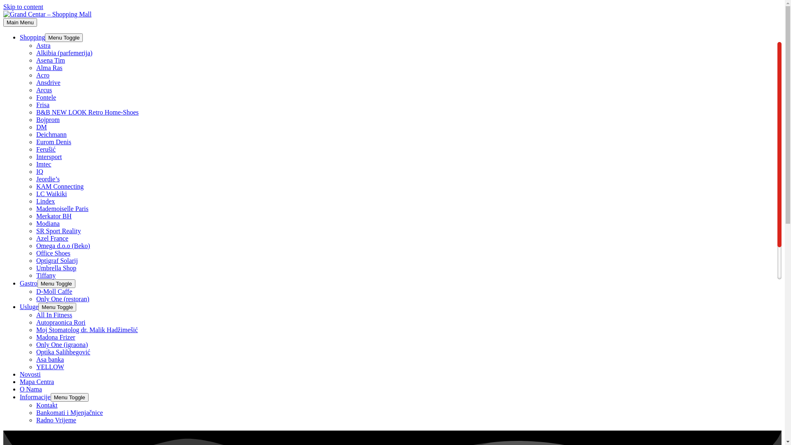  I want to click on 'Gastro', so click(20, 283).